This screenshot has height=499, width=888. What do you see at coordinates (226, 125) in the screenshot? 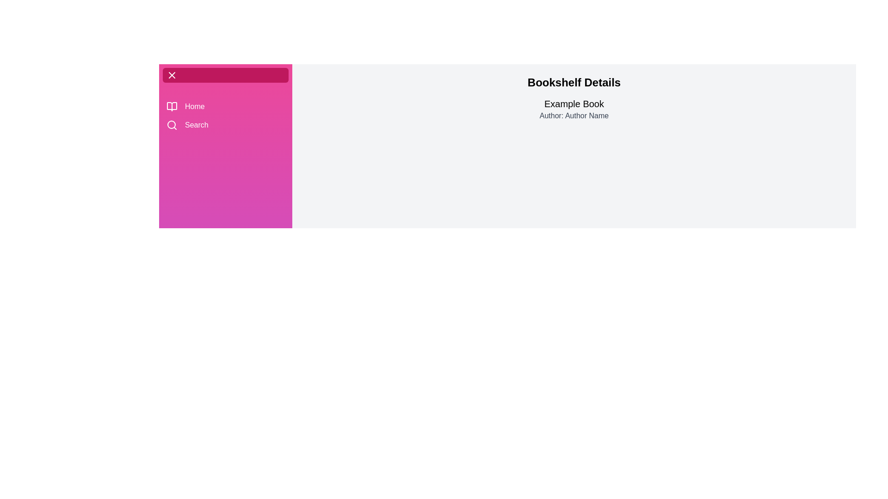
I see `the 'Search' menu item to navigate to the 'Search' section` at bounding box center [226, 125].